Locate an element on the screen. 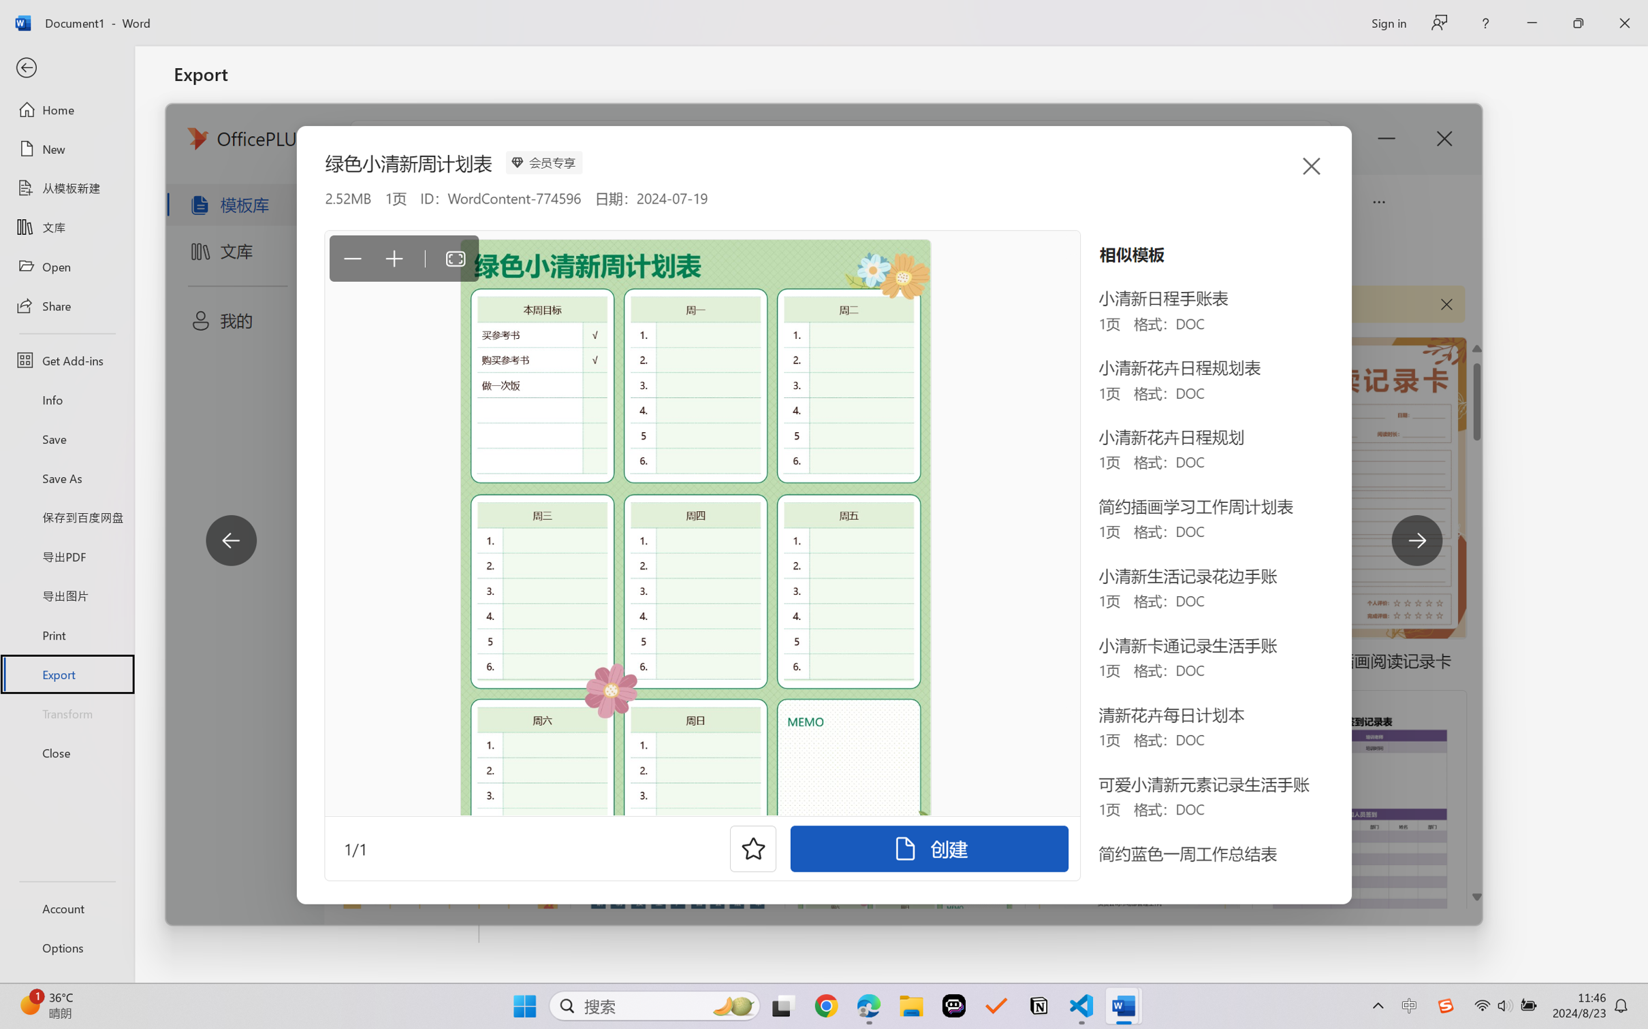 The width and height of the screenshot is (1648, 1029). 'Account' is located at coordinates (66, 908).